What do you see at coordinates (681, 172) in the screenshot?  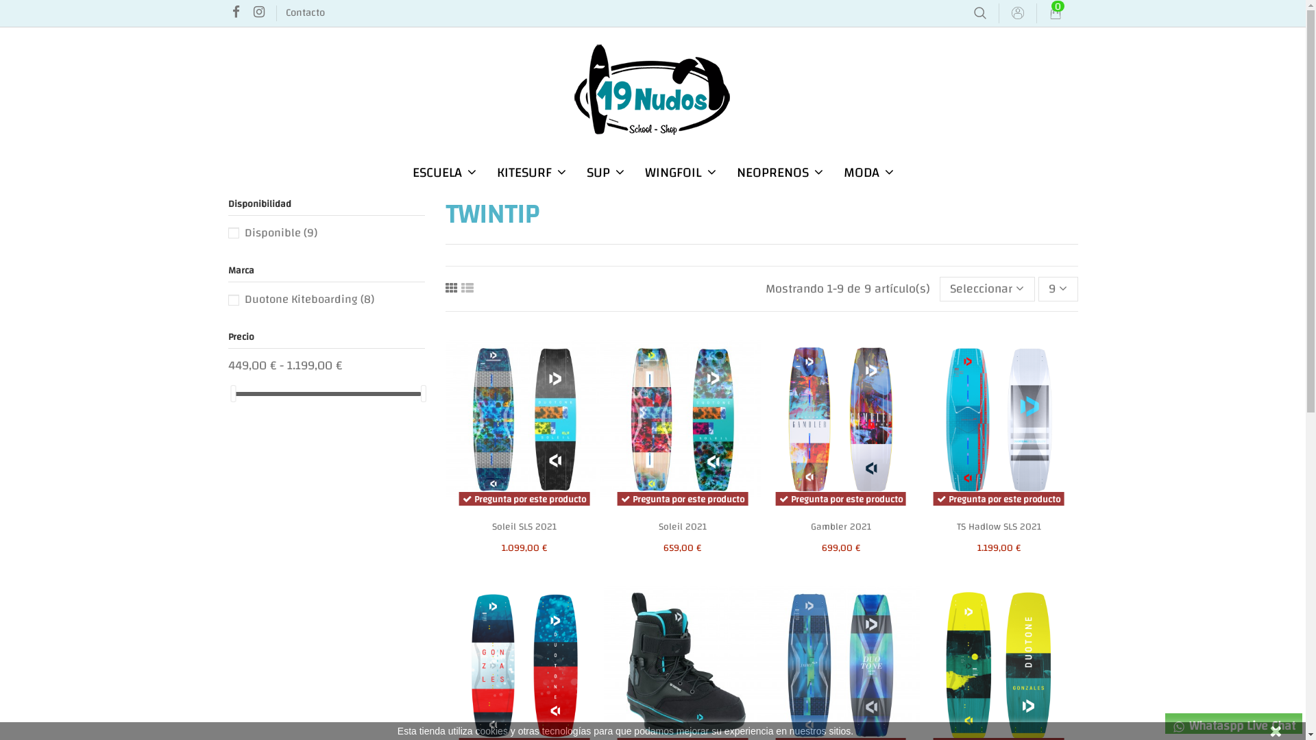 I see `'WINGFOIL'` at bounding box center [681, 172].